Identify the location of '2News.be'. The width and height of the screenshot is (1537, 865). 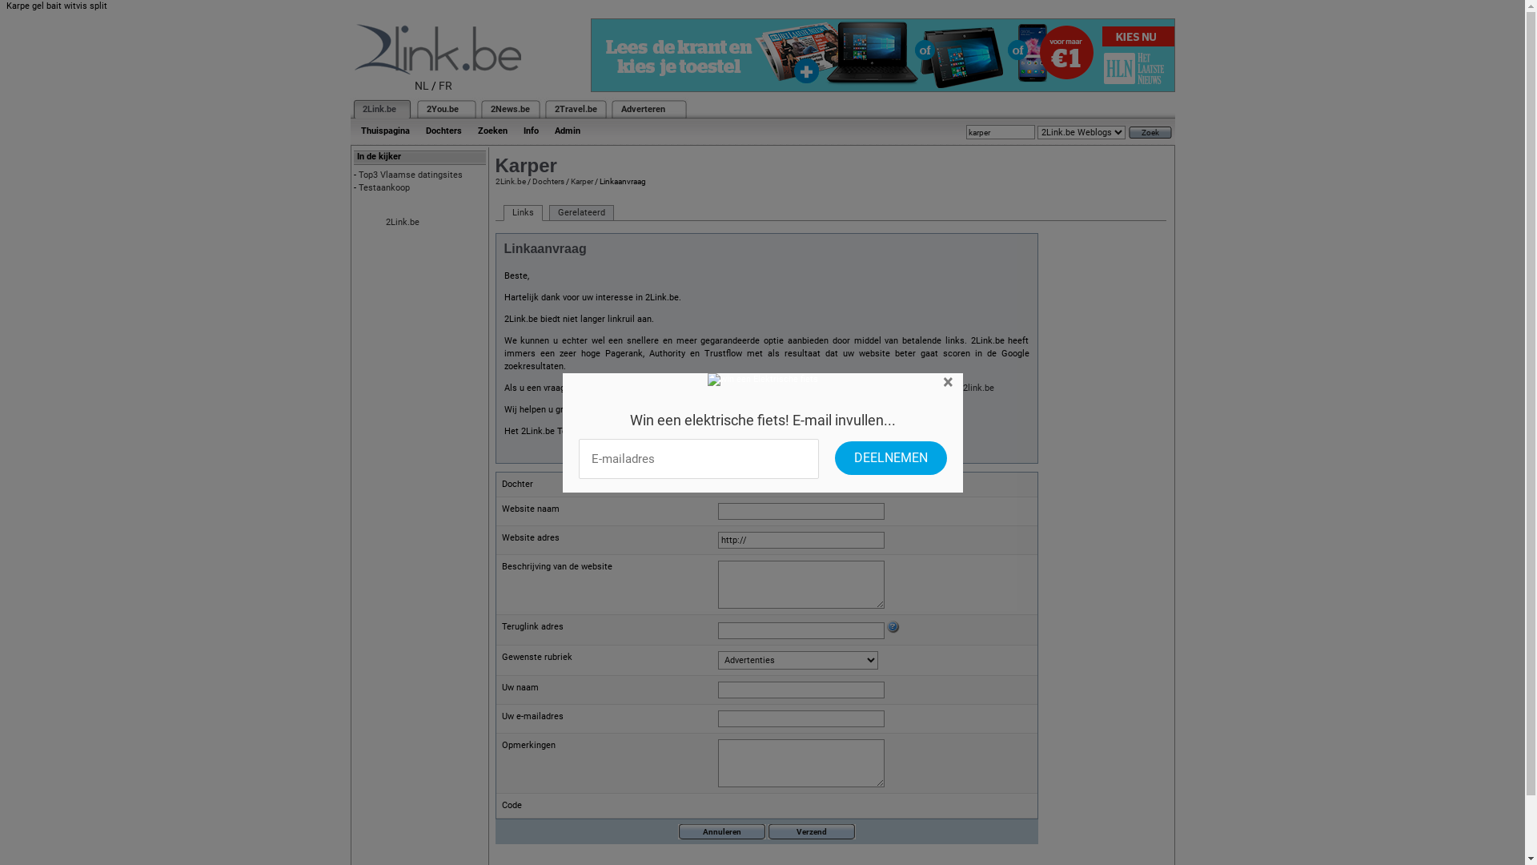
(508, 108).